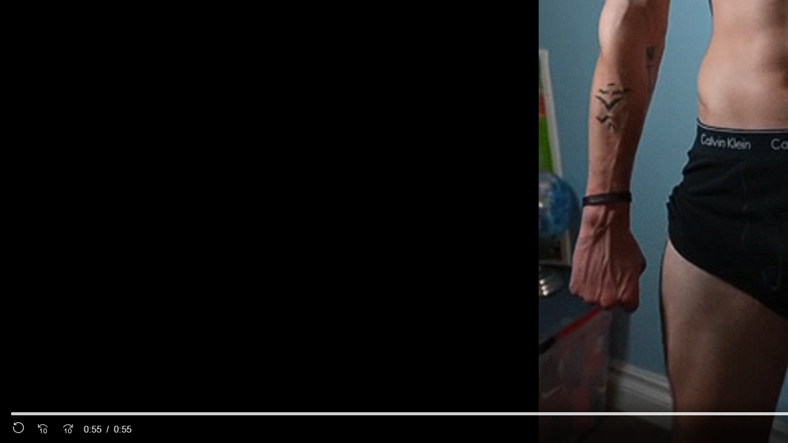  What do you see at coordinates (67, 428) in the screenshot?
I see `'Seek Forward'` at bounding box center [67, 428].